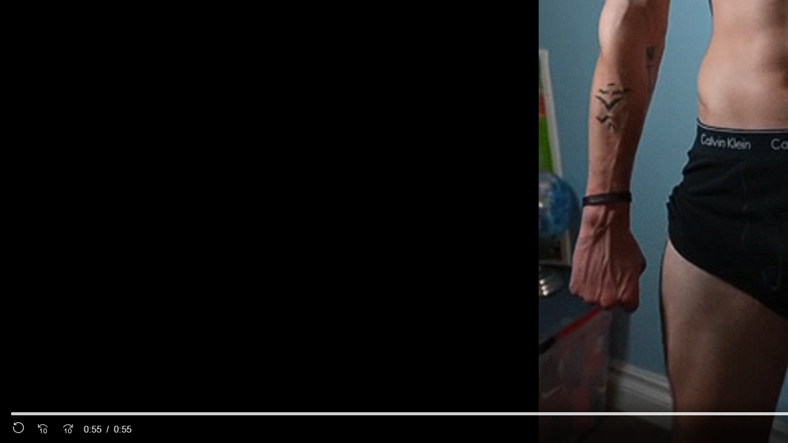  What do you see at coordinates (67, 428) in the screenshot?
I see `'Seek Forward'` at bounding box center [67, 428].